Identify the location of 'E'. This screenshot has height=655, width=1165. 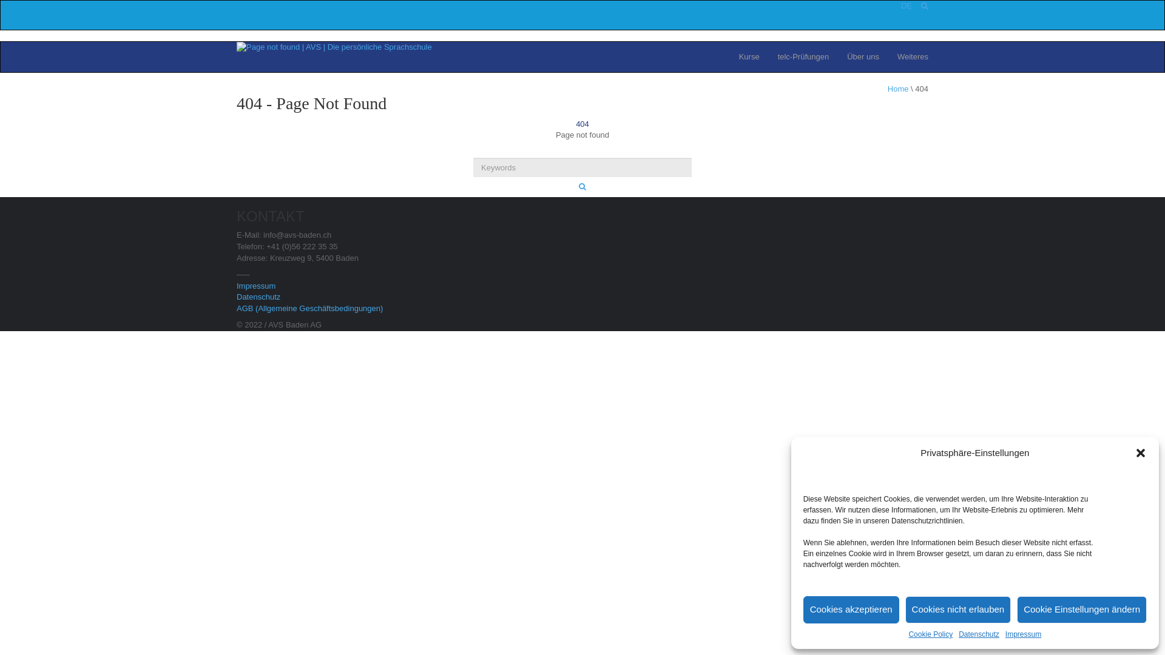
(909, 5).